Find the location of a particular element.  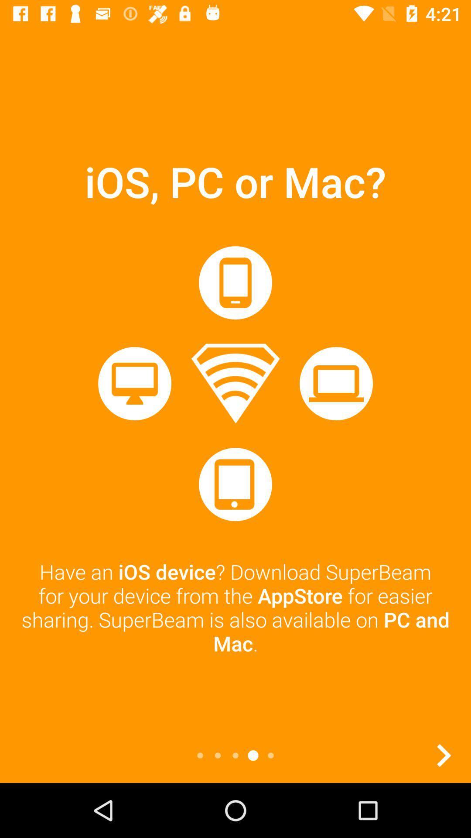

go forward is located at coordinates (444, 755).